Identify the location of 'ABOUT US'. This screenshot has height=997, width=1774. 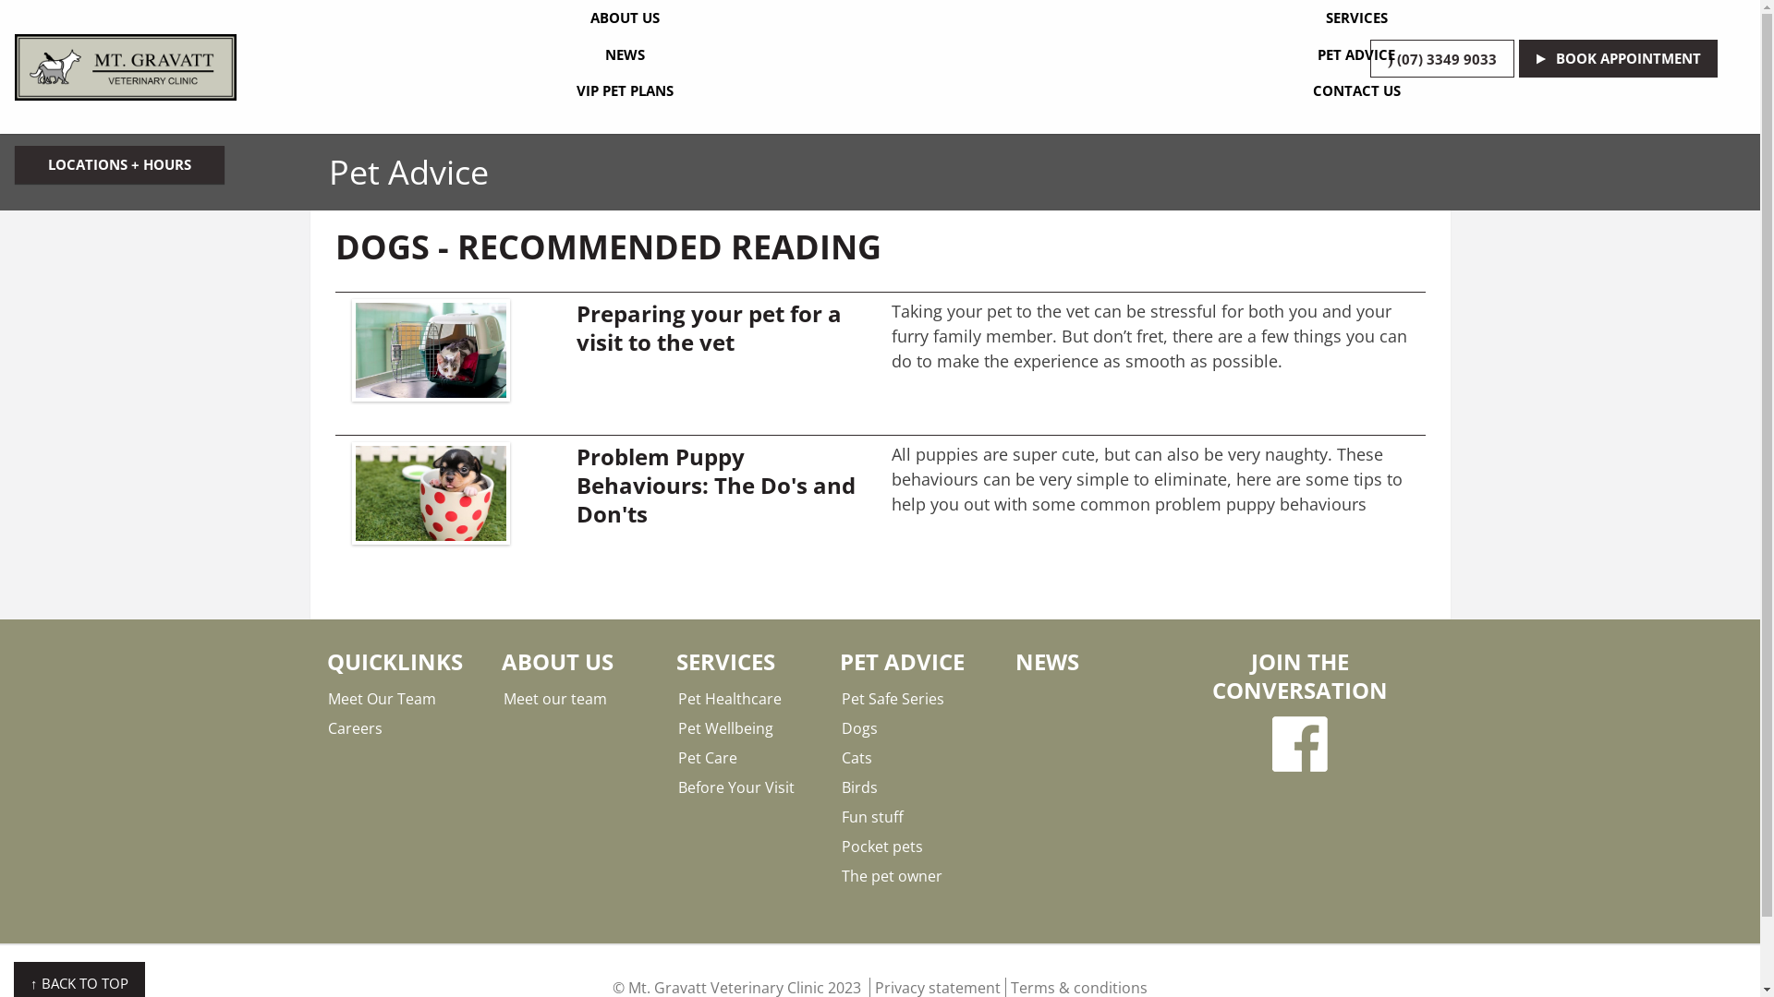
(556, 660).